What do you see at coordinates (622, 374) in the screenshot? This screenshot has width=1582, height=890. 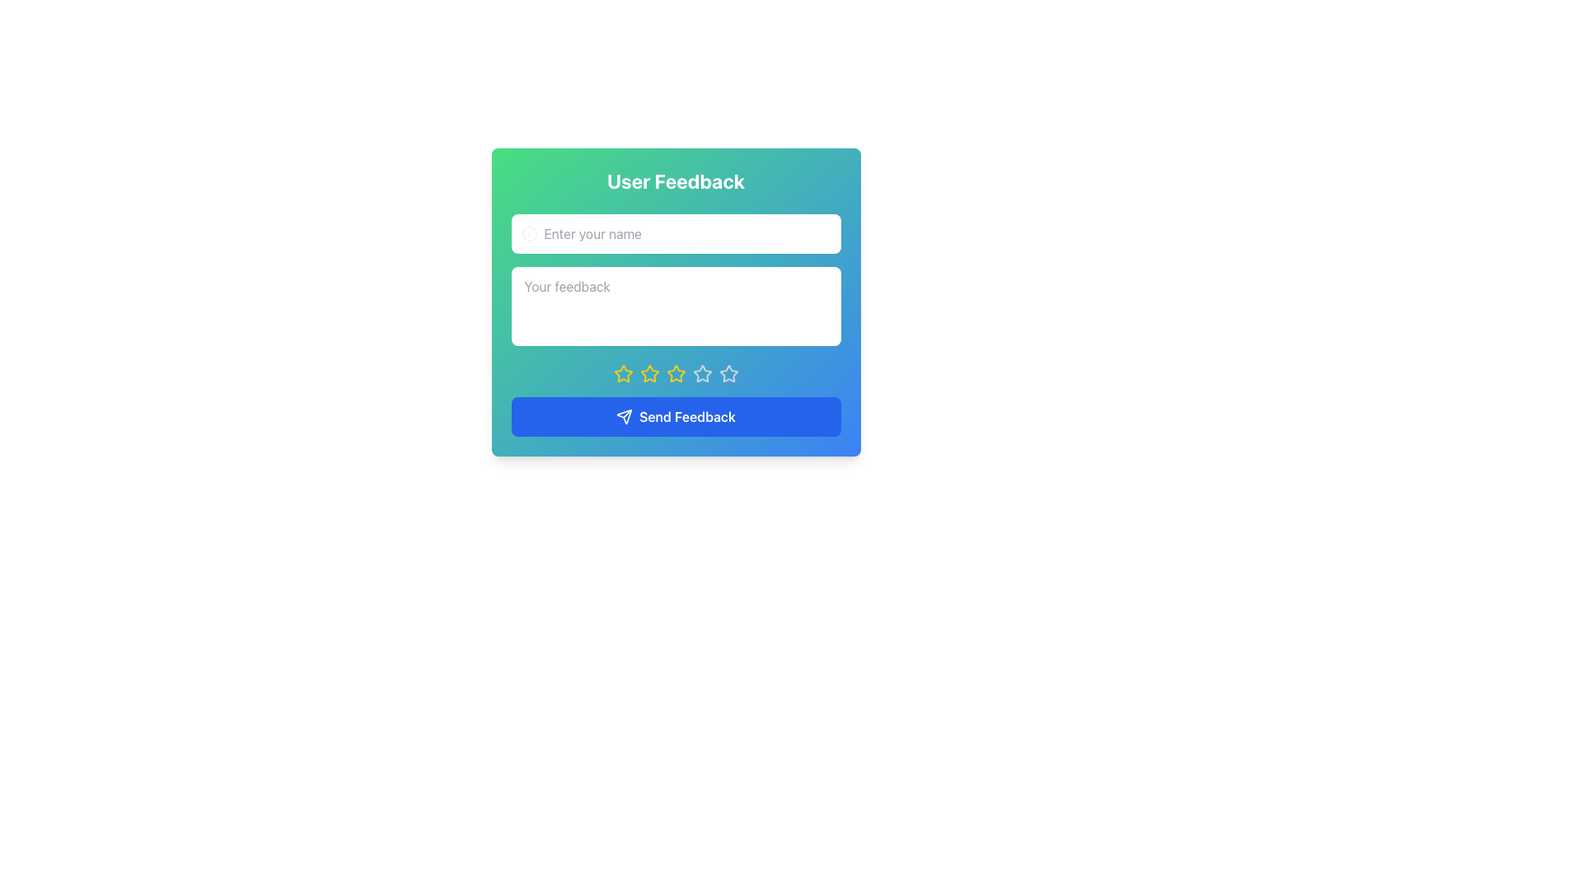 I see `the first yellow-outlined star icon to give a one-star rating in the feedback form` at bounding box center [622, 374].